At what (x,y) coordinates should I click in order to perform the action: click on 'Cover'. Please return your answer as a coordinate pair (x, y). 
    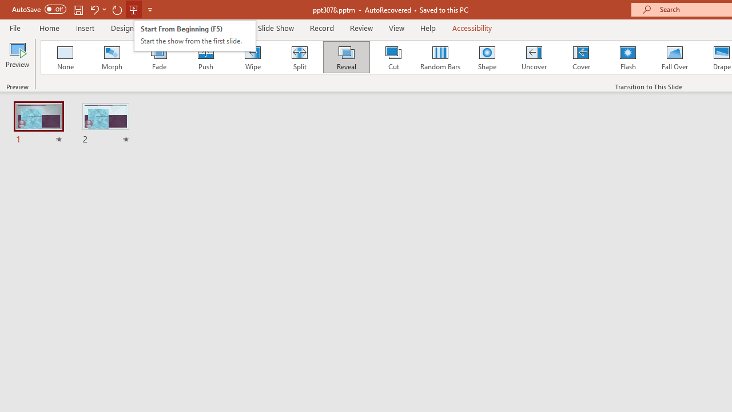
    Looking at the image, I should click on (581, 57).